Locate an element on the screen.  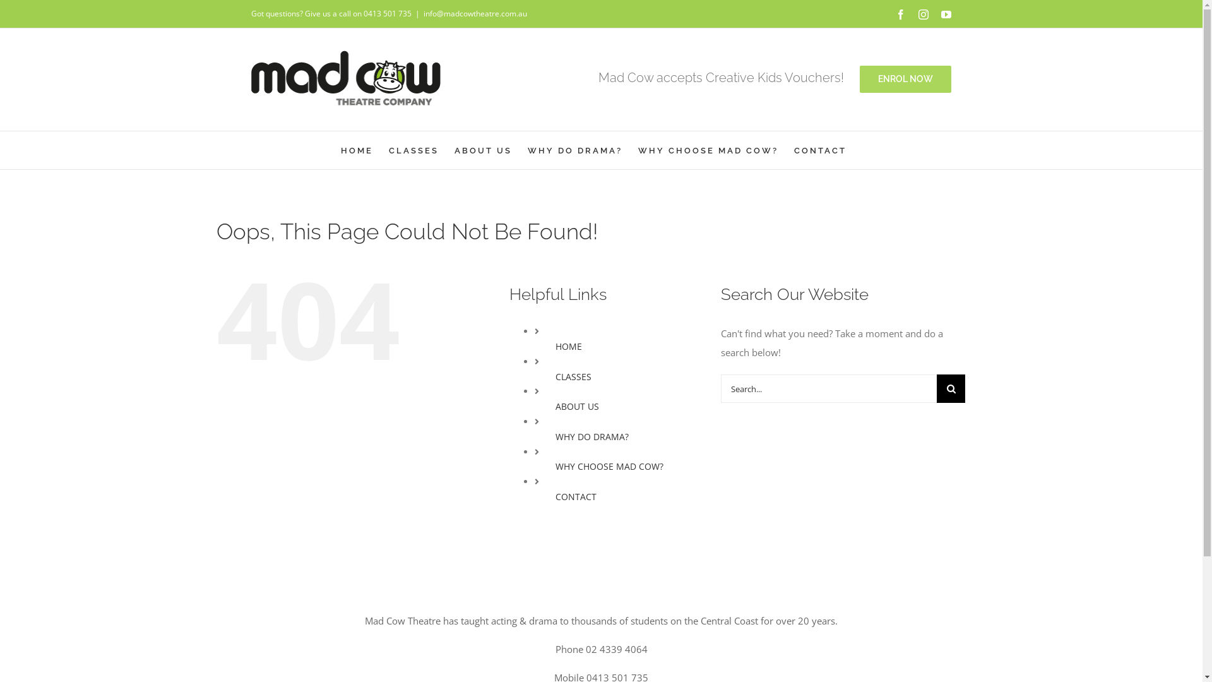
'WHY CHOOSE MAD COW?' is located at coordinates (555, 466).